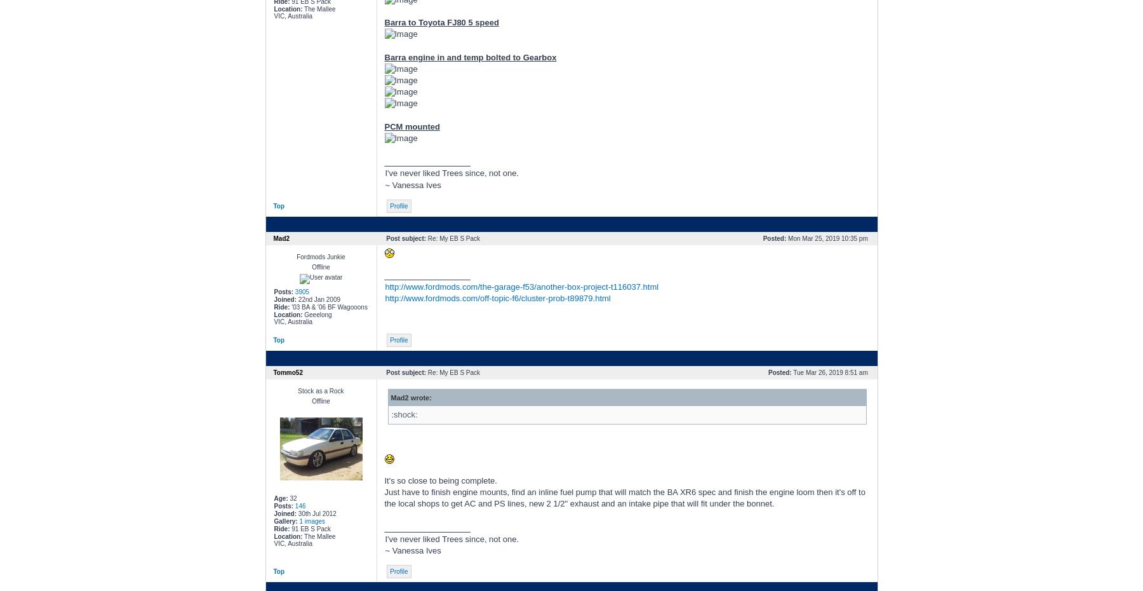 The height and width of the screenshot is (591, 1143). Describe the element at coordinates (316, 313) in the screenshot. I see `'Geeelong'` at that location.